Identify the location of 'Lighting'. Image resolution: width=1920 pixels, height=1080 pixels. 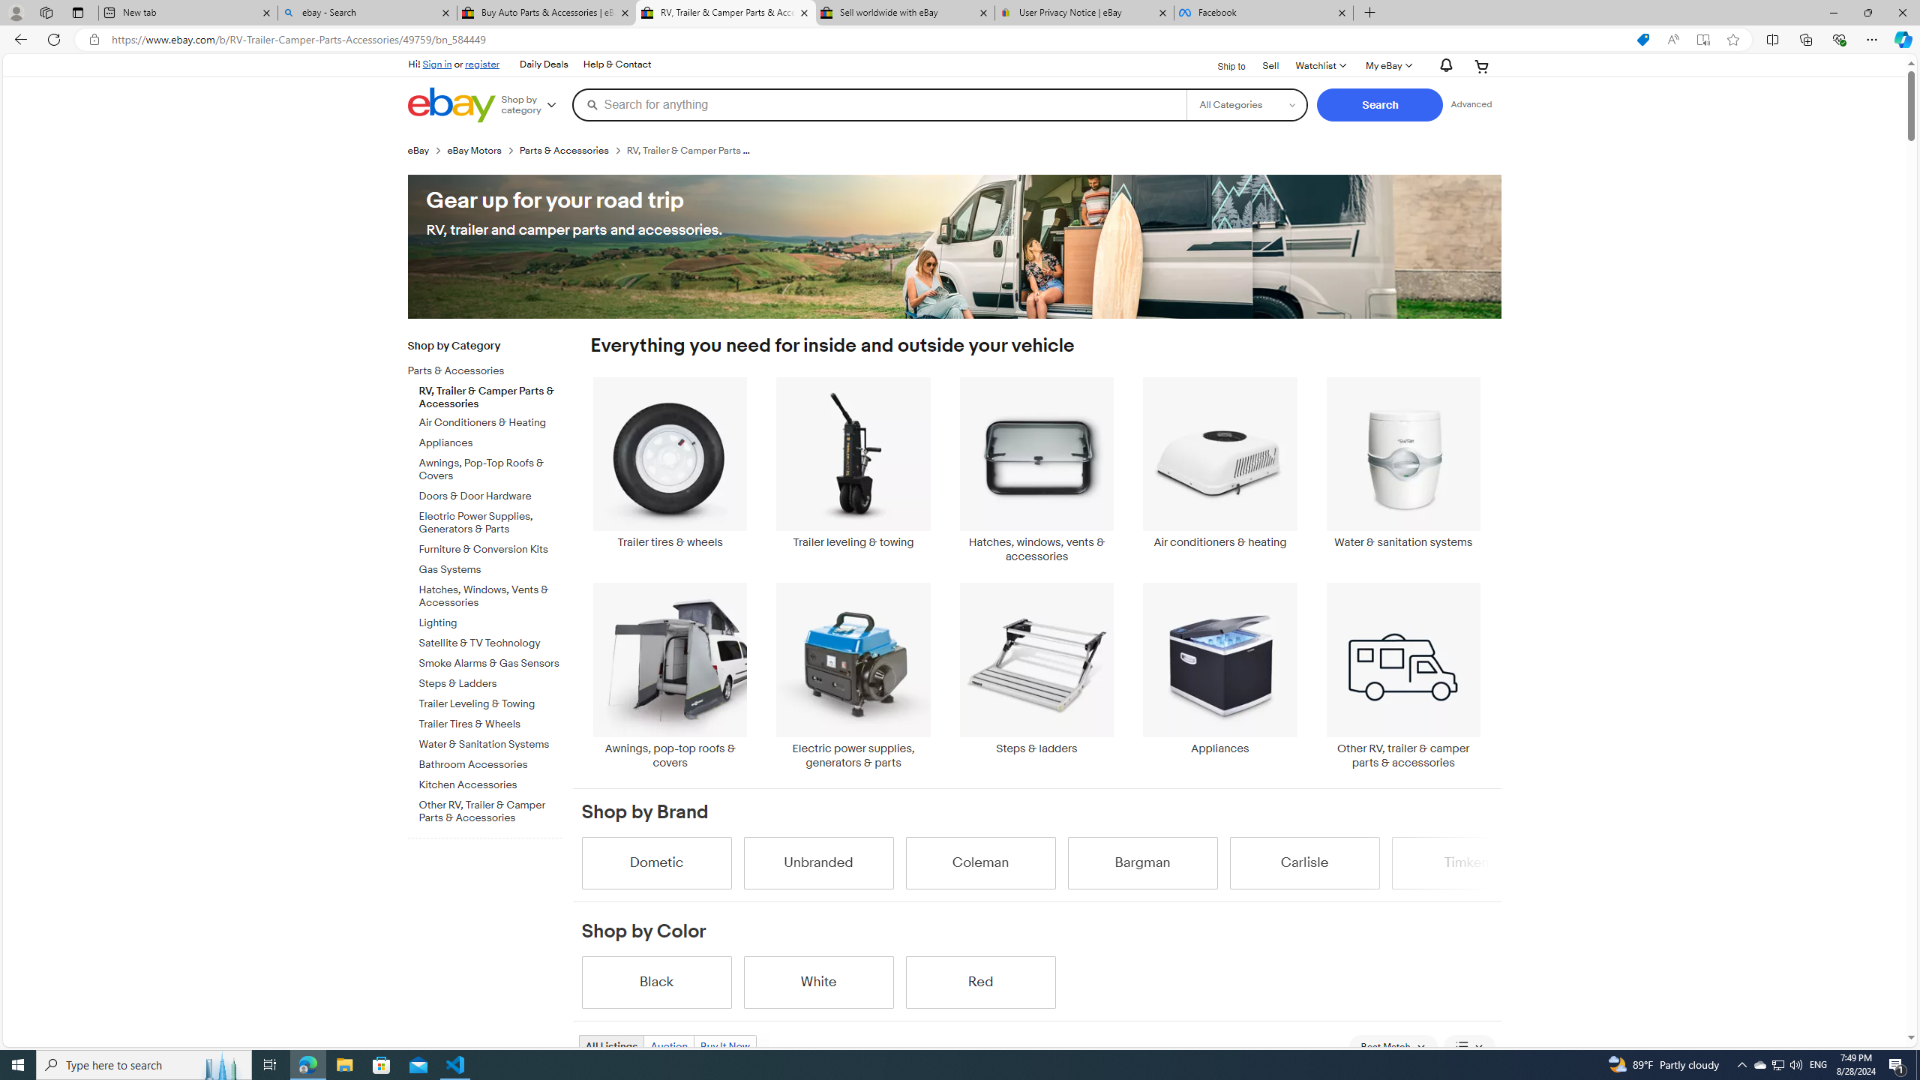
(490, 620).